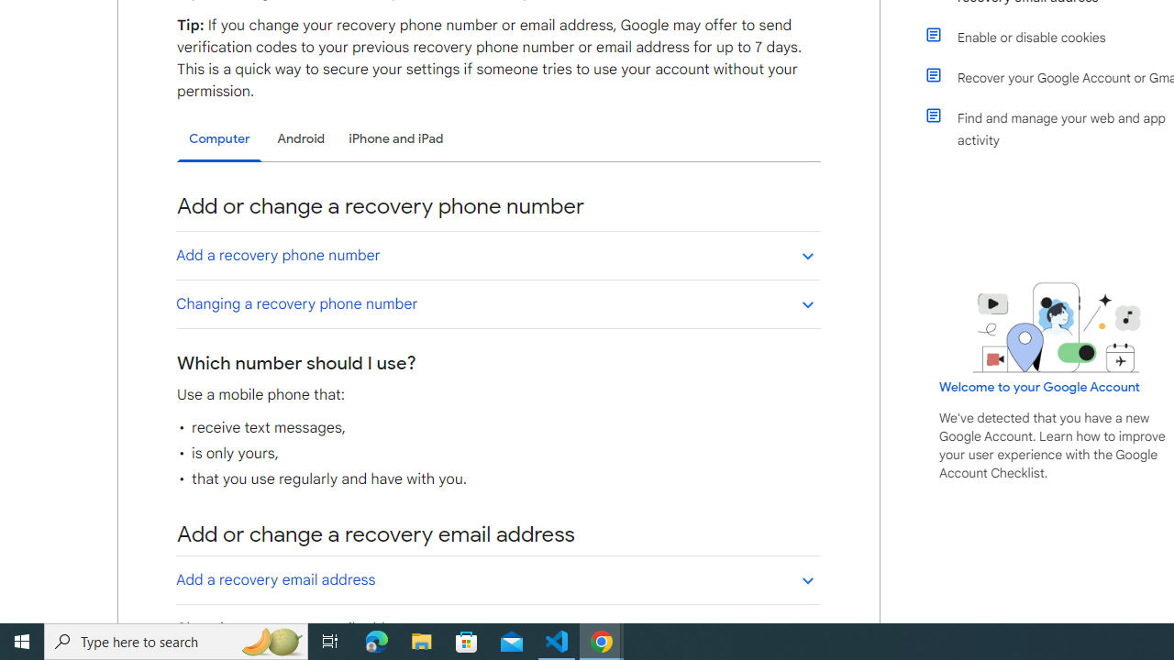 The image size is (1174, 660). What do you see at coordinates (1057, 326) in the screenshot?
I see `'Learning Center home page image'` at bounding box center [1057, 326].